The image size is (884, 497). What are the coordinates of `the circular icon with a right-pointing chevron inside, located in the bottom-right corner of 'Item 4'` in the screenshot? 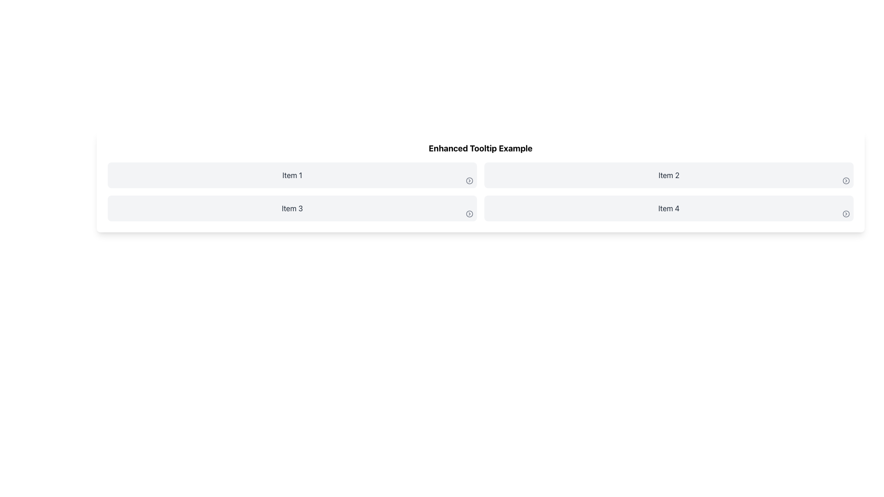 It's located at (846, 214).